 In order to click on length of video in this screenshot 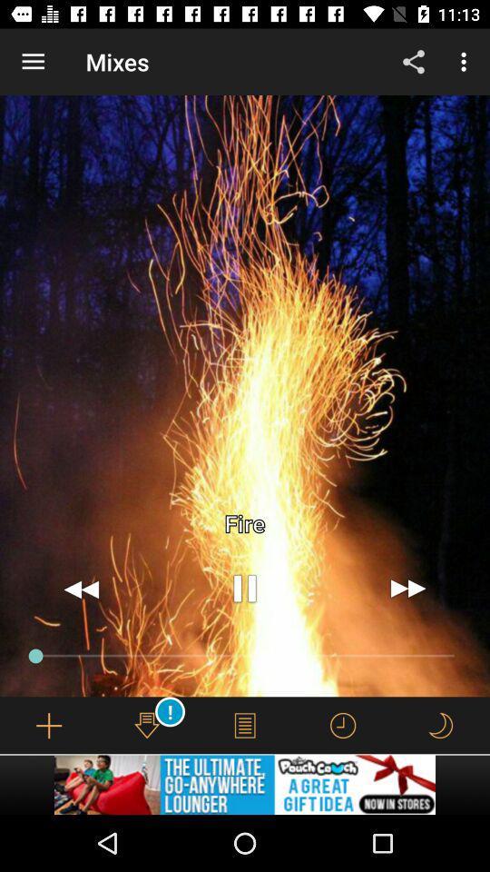, I will do `click(343, 725)`.